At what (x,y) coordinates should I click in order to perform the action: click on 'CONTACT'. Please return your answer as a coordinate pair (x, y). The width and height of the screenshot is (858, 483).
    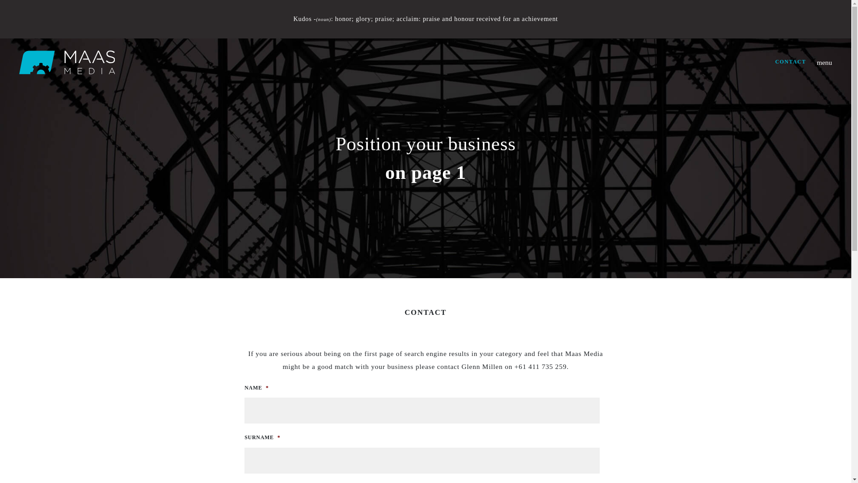
    Looking at the image, I should click on (791, 61).